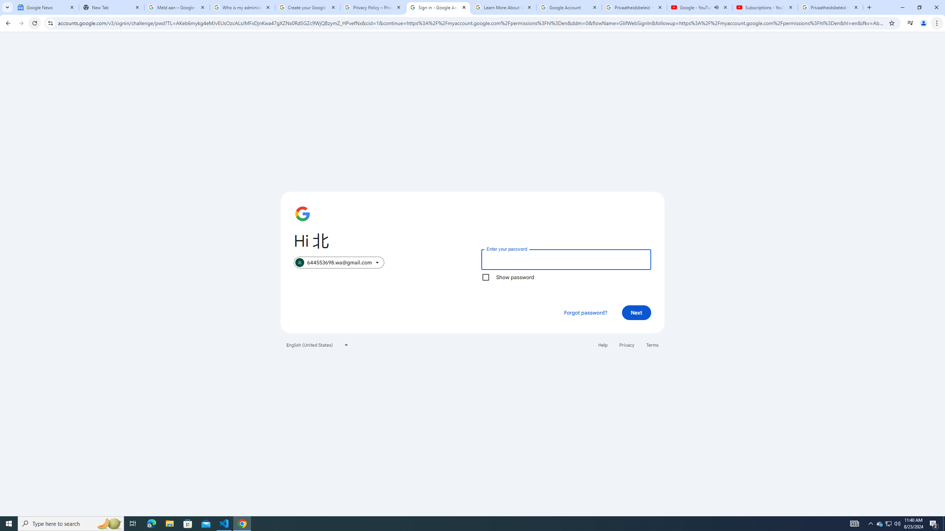 The height and width of the screenshot is (531, 945). What do you see at coordinates (242, 7) in the screenshot?
I see `'Who is my administrator? - Google Account Help'` at bounding box center [242, 7].